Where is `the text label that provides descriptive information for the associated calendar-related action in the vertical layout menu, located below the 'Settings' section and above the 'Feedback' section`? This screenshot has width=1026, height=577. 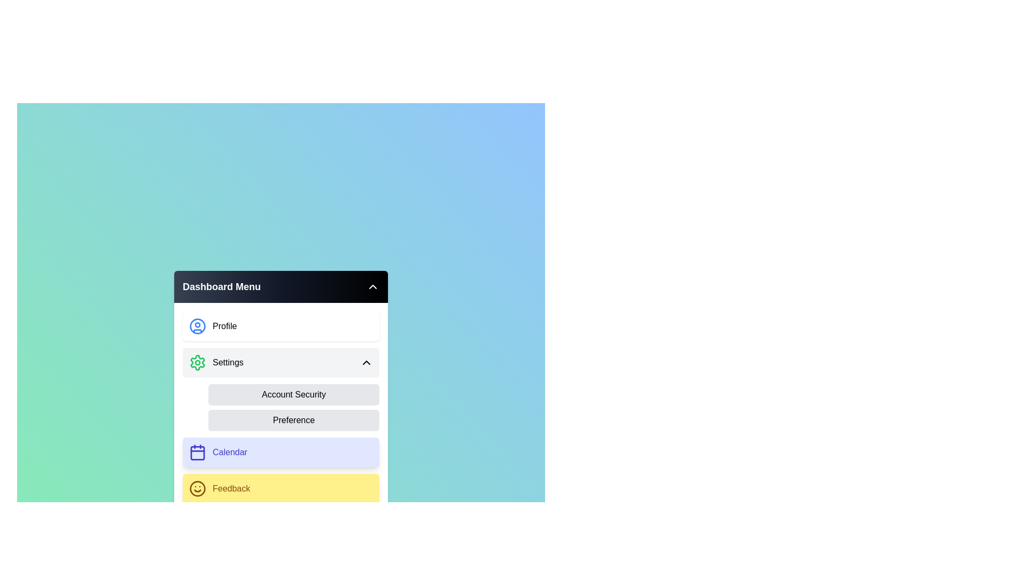 the text label that provides descriptive information for the associated calendar-related action in the vertical layout menu, located below the 'Settings' section and above the 'Feedback' section is located at coordinates (229, 453).